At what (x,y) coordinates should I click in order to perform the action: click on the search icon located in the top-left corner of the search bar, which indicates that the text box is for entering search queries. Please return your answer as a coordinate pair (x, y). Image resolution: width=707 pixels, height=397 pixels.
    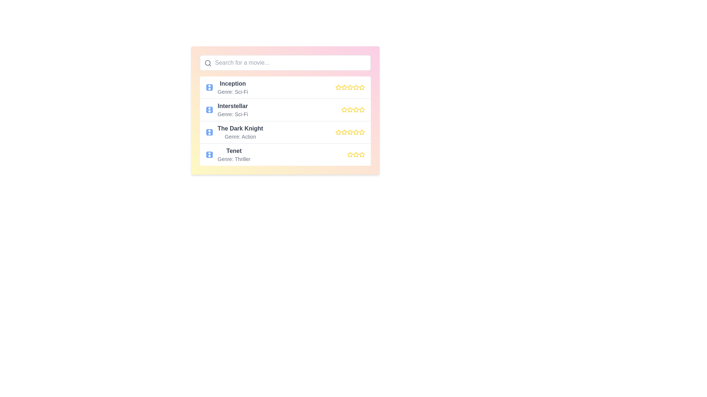
    Looking at the image, I should click on (208, 63).